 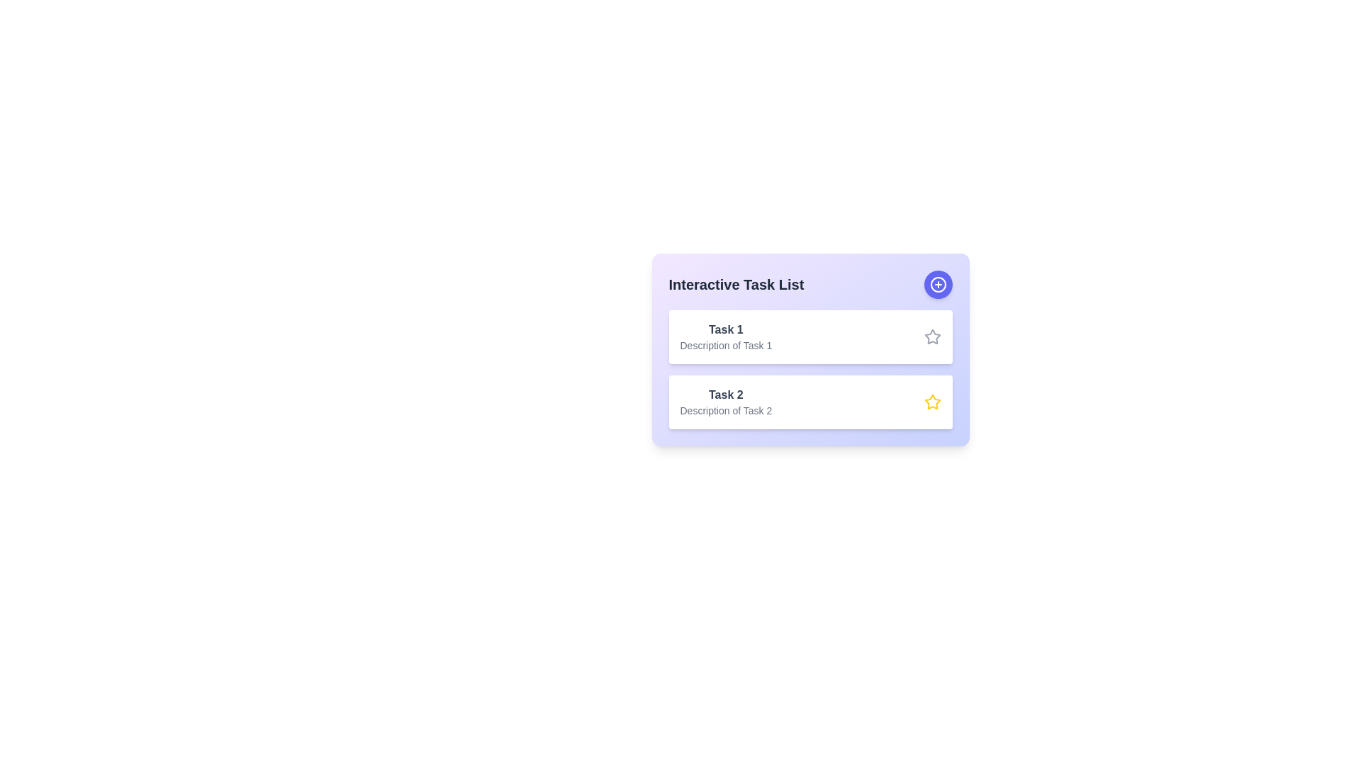 What do you see at coordinates (932, 402) in the screenshot?
I see `star icon next to Task 2 to toggle its starred state` at bounding box center [932, 402].